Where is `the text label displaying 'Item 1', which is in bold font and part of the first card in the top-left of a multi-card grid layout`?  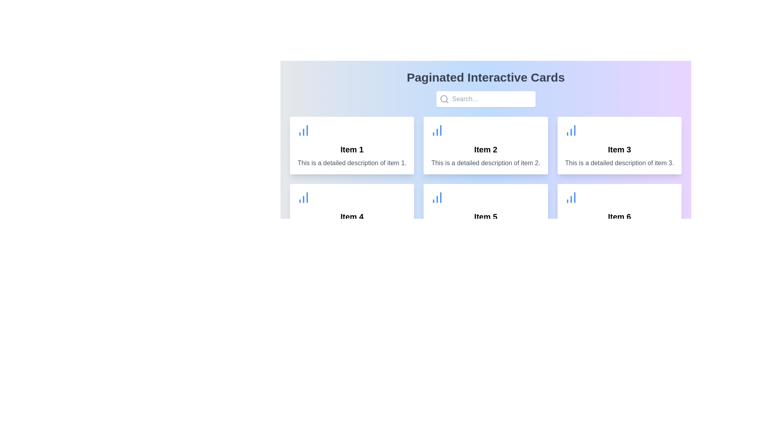 the text label displaying 'Item 1', which is in bold font and part of the first card in the top-left of a multi-card grid layout is located at coordinates (352, 150).